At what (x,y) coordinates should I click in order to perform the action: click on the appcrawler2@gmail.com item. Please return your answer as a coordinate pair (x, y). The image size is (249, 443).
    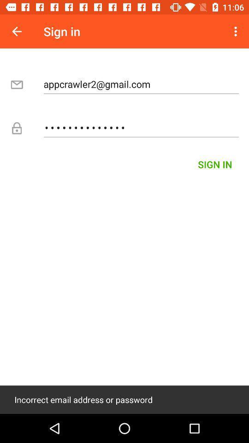
    Looking at the image, I should click on (141, 84).